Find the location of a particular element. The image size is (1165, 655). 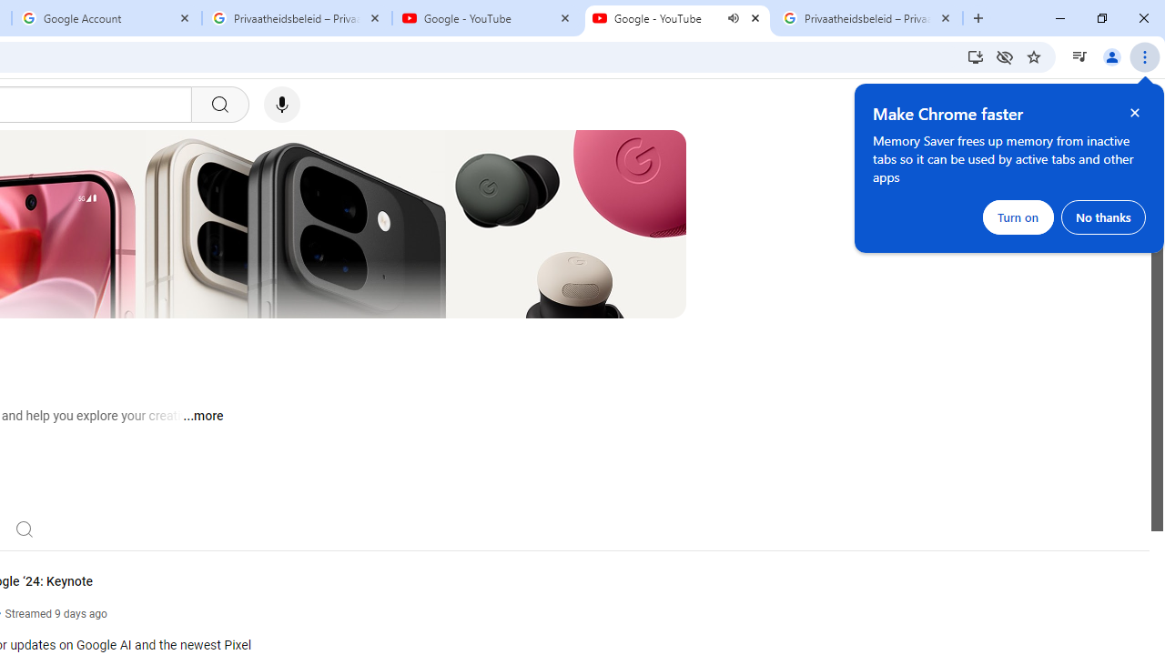

'Install YouTube' is located at coordinates (975, 55).